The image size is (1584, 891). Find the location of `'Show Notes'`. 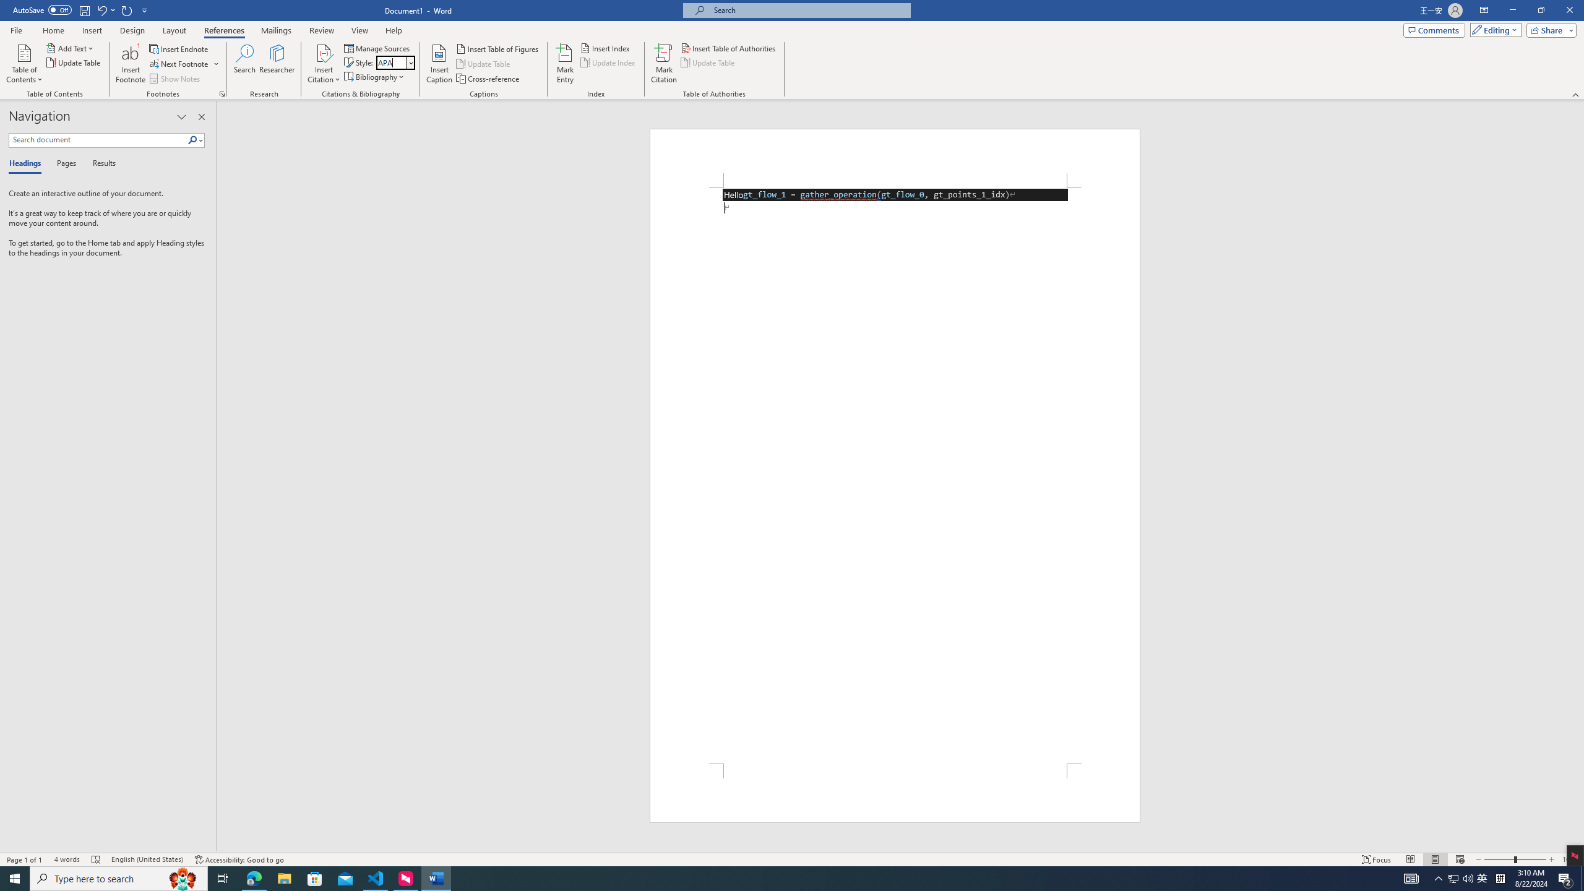

'Show Notes' is located at coordinates (176, 79).